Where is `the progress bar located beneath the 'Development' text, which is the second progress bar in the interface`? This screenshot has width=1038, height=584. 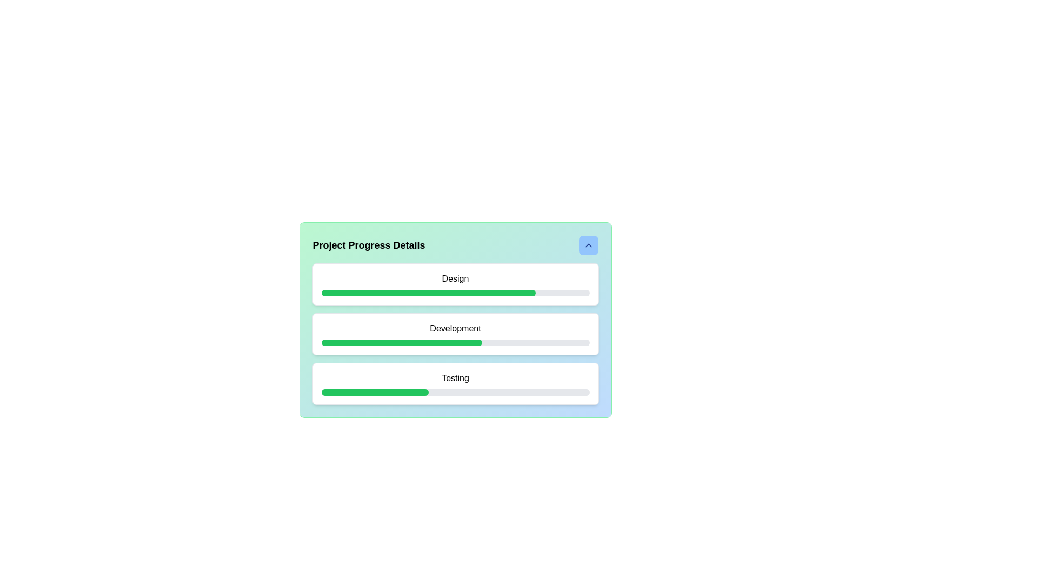
the progress bar located beneath the 'Development' text, which is the second progress bar in the interface is located at coordinates (455, 342).